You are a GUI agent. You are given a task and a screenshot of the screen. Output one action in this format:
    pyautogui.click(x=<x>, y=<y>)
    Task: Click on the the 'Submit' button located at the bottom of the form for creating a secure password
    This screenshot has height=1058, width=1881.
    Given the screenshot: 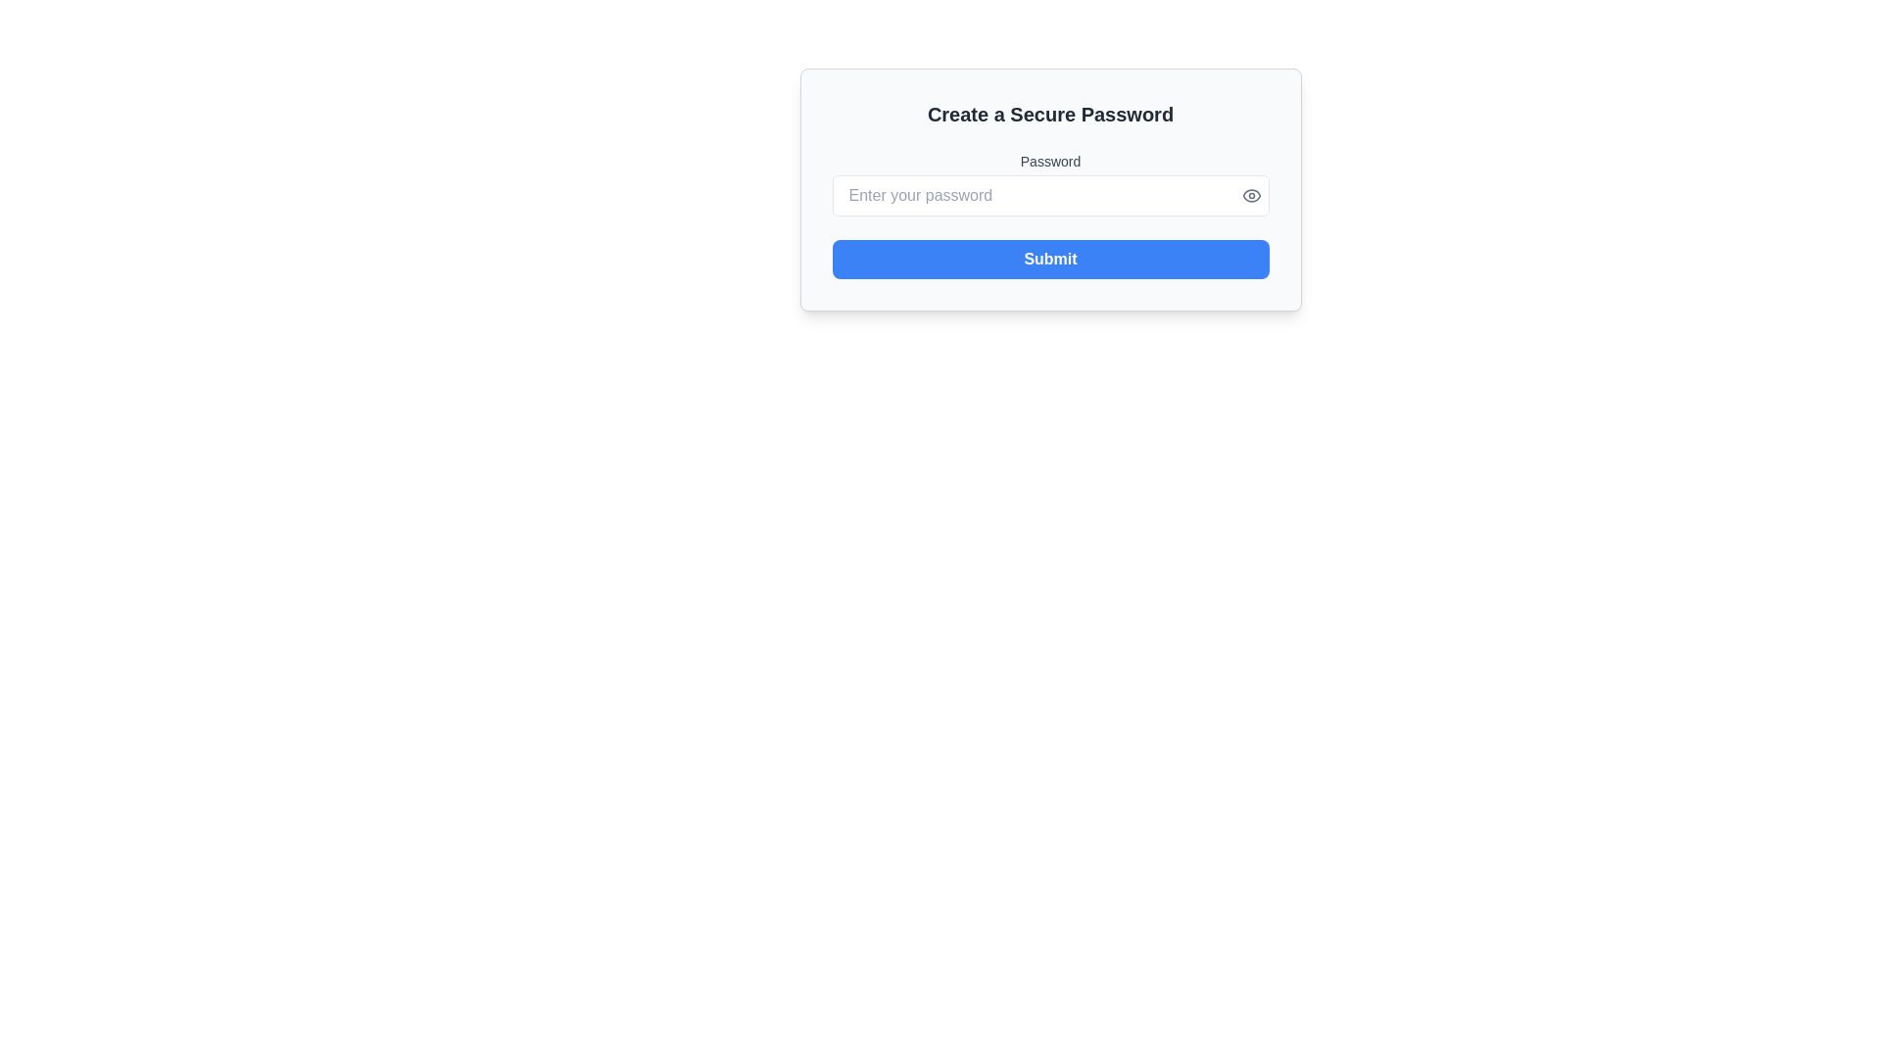 What is the action you would take?
    pyautogui.click(x=1049, y=259)
    